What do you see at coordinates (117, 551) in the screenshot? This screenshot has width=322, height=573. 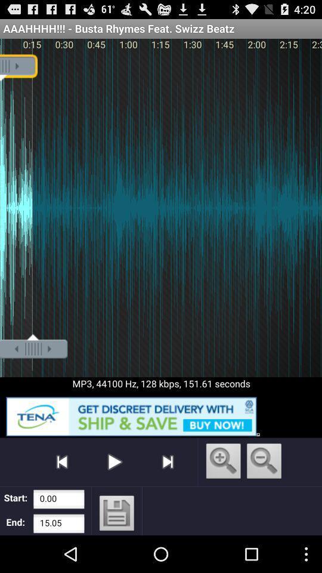 I see `the save icon` at bounding box center [117, 551].